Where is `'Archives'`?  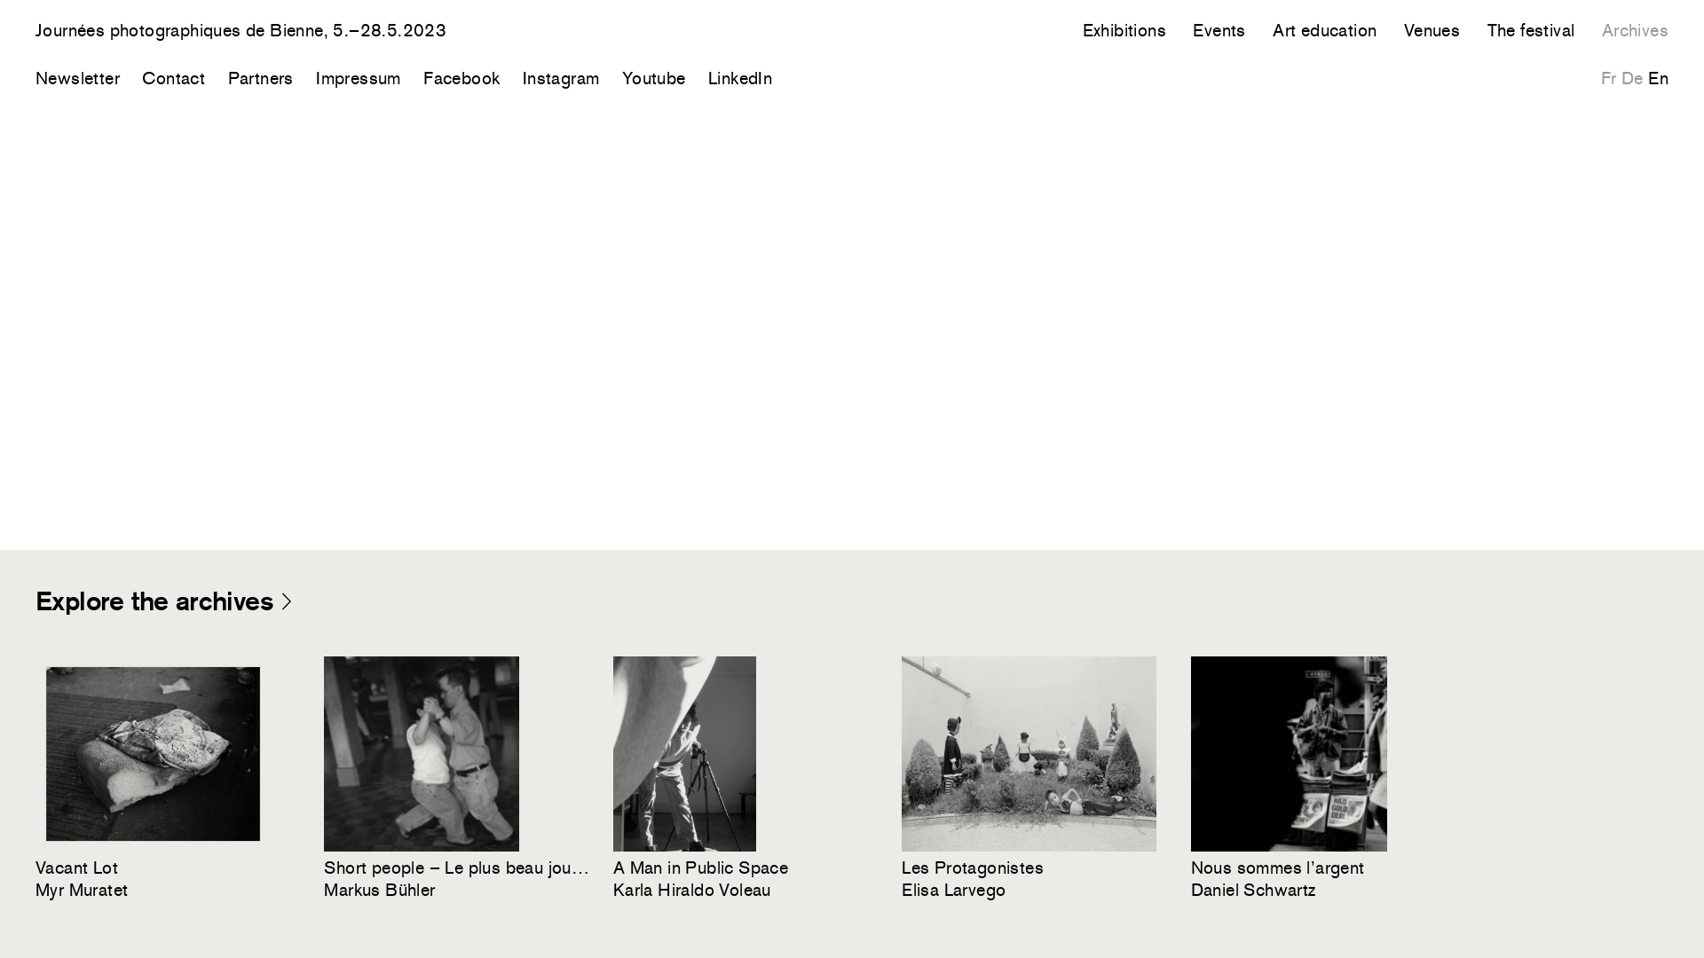
'Archives' is located at coordinates (1634, 30).